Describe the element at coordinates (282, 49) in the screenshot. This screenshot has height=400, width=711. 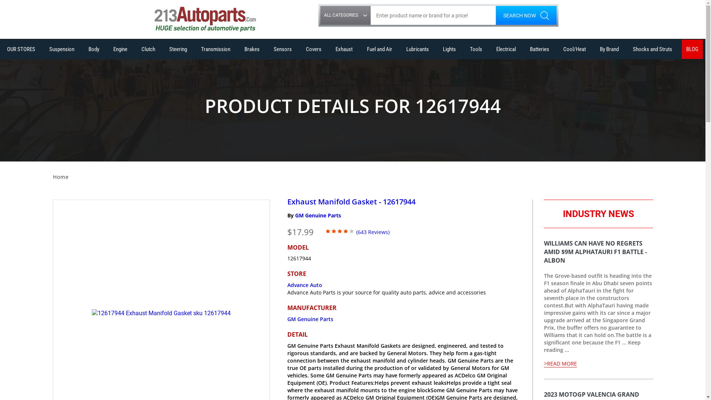
I see `'Sensors'` at that location.